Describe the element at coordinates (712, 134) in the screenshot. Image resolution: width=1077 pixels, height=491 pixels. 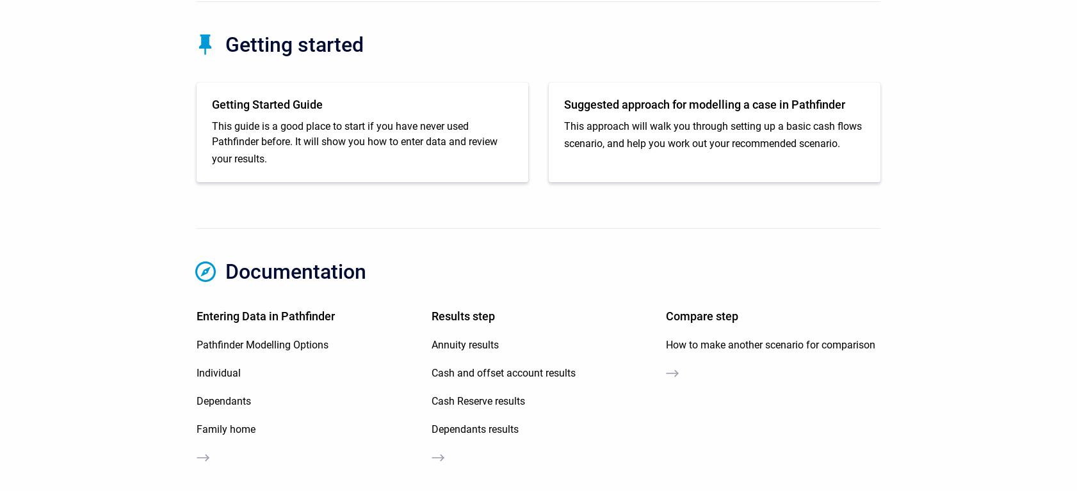
I see `'This approach will walk you through setting up a basic cash flows scenario, and help you work out your recommended scenario.'` at that location.